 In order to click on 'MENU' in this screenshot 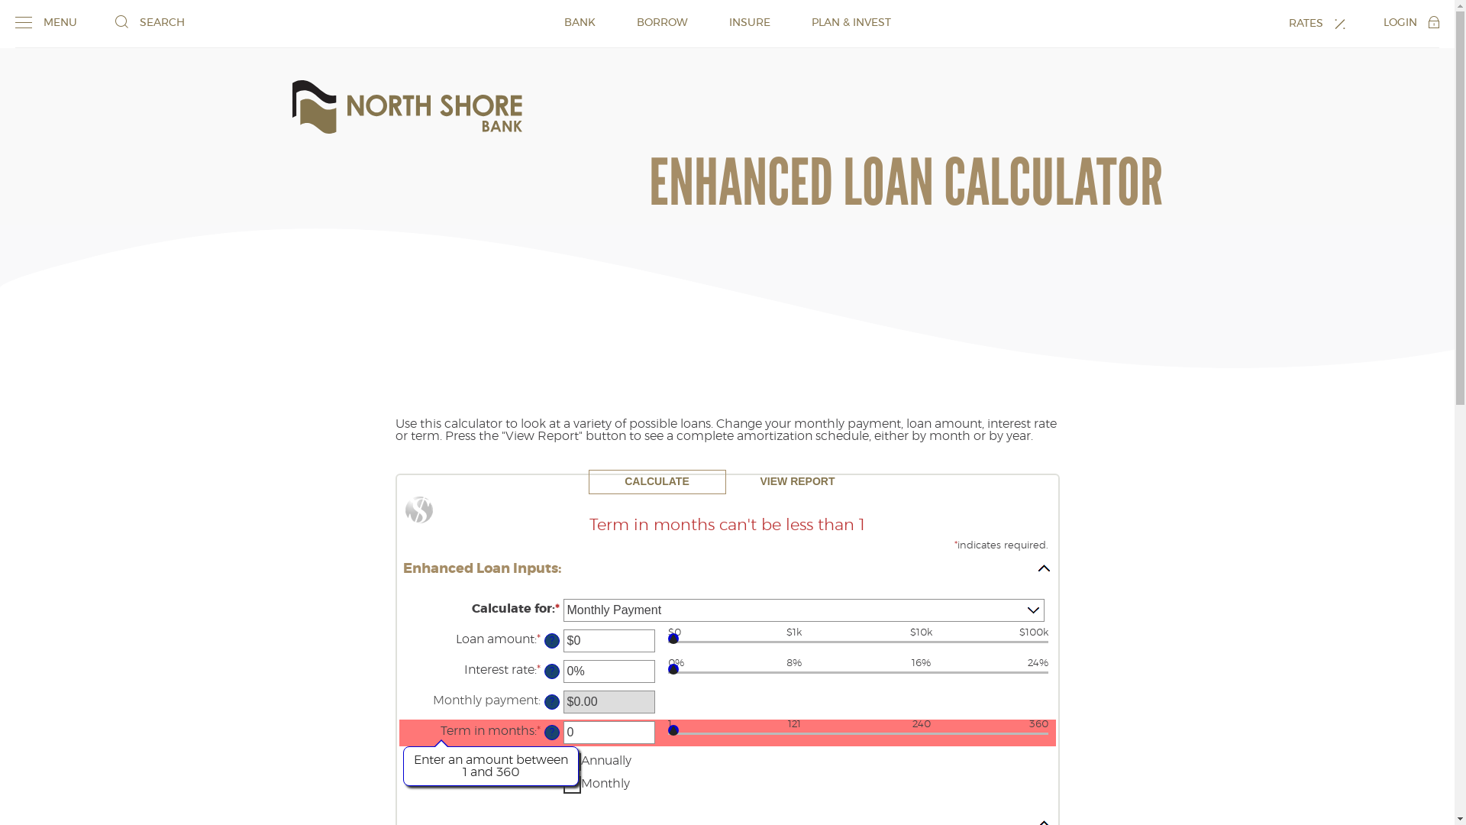, I will do `click(15, 22)`.